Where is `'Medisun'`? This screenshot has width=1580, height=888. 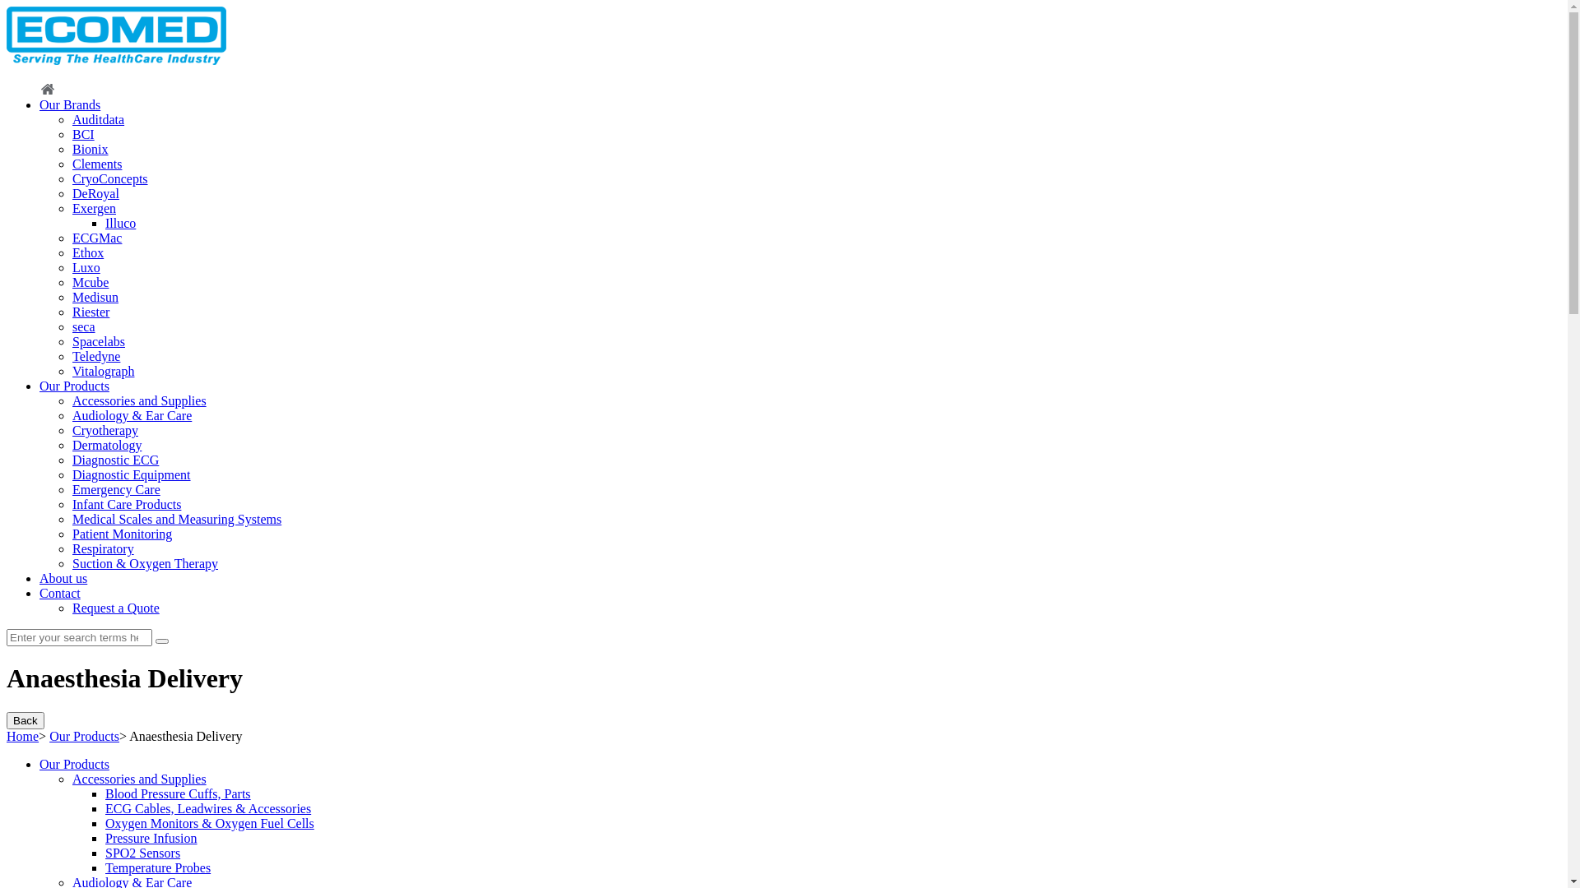 'Medisun' is located at coordinates (94, 297).